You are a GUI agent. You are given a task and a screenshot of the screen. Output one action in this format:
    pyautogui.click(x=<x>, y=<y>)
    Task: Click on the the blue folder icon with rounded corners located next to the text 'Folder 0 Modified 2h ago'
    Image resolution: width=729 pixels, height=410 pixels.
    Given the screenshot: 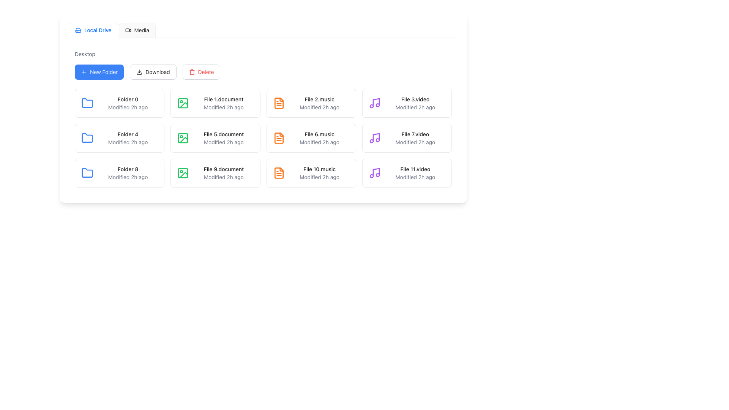 What is the action you would take?
    pyautogui.click(x=87, y=103)
    